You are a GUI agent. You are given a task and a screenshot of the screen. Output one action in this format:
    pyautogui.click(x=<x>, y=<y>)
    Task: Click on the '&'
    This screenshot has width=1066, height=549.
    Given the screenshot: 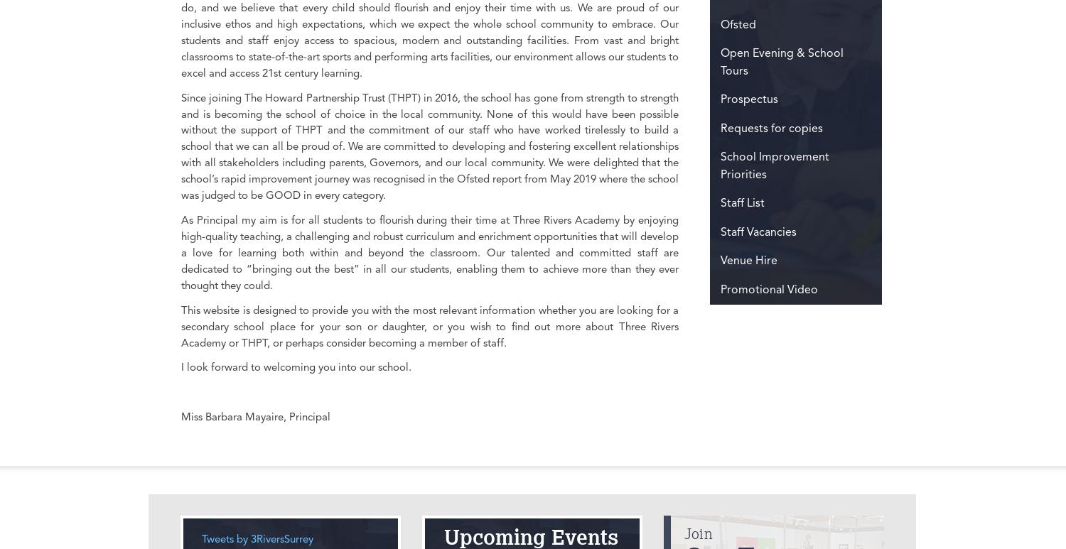 What is the action you would take?
    pyautogui.click(x=763, y=126)
    